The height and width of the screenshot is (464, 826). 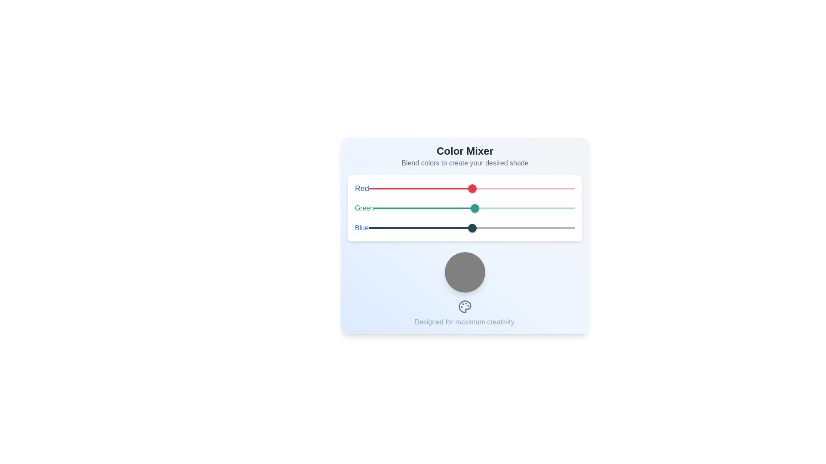 What do you see at coordinates (479, 188) in the screenshot?
I see `the red value` at bounding box center [479, 188].